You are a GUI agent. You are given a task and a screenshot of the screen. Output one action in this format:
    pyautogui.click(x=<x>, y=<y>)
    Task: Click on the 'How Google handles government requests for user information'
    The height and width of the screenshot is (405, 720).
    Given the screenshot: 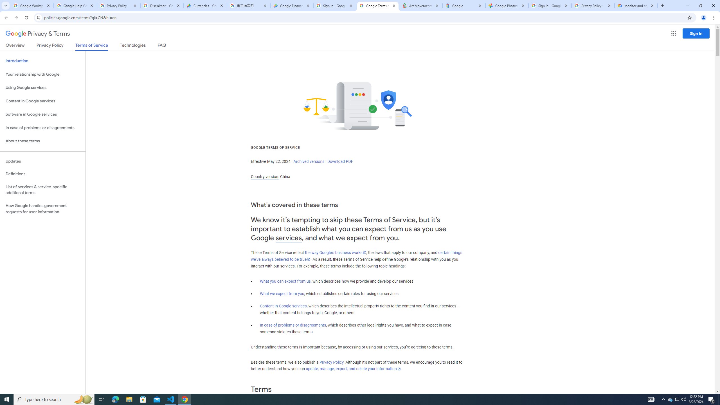 What is the action you would take?
    pyautogui.click(x=42, y=209)
    